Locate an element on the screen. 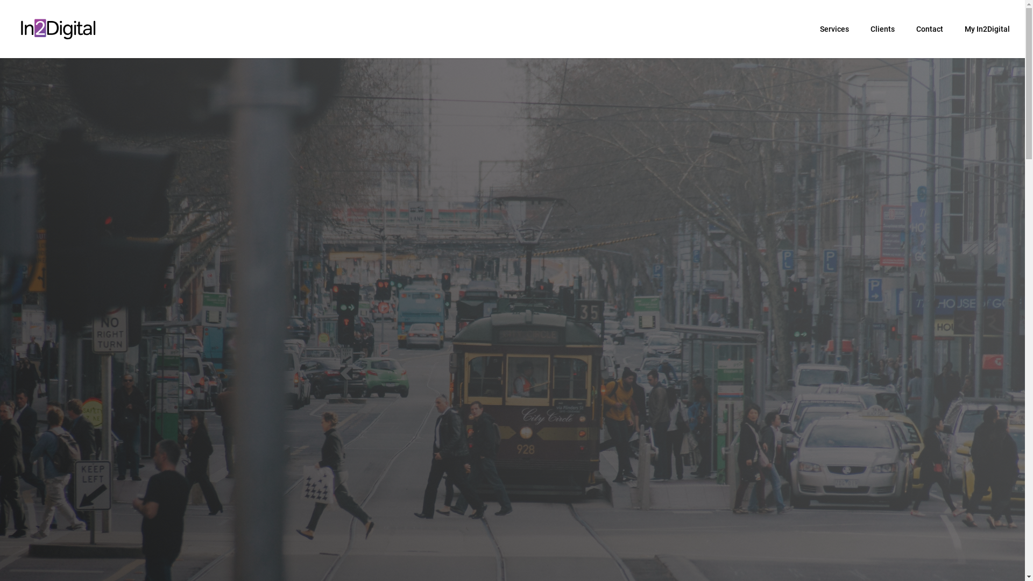 This screenshot has width=1033, height=581. 'Clients' is located at coordinates (882, 29).